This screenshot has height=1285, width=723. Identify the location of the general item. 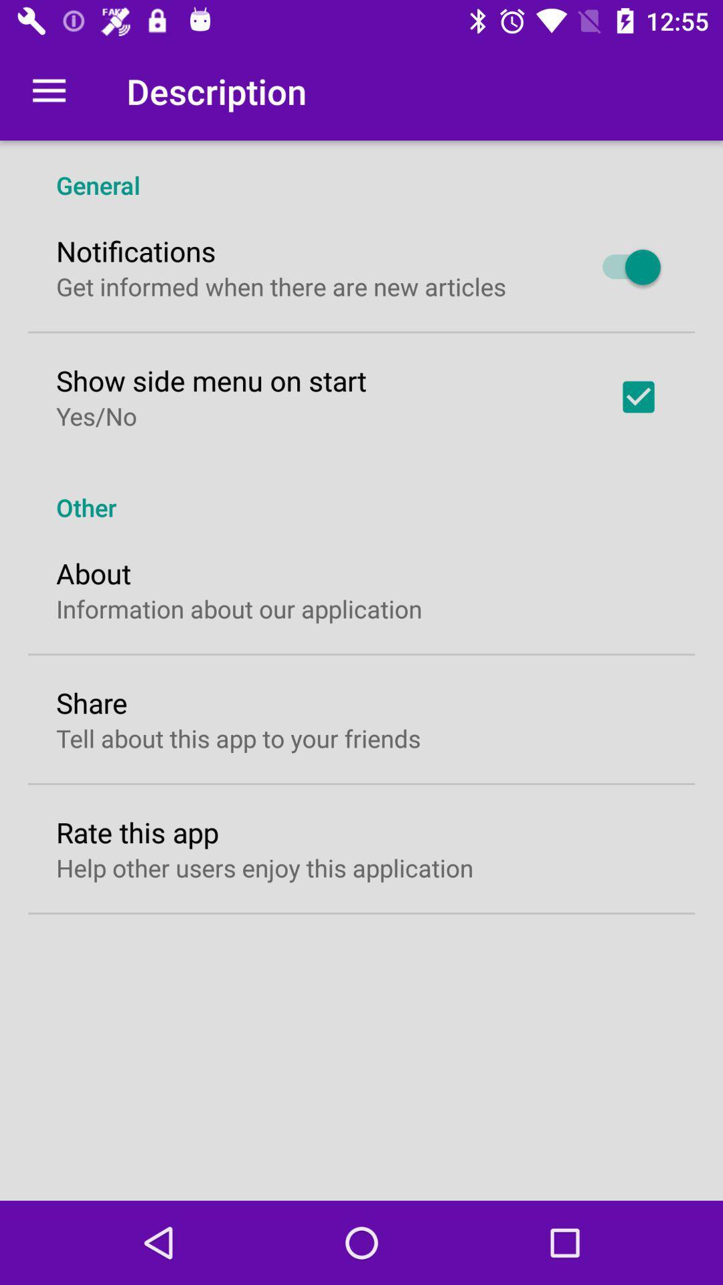
(361, 170).